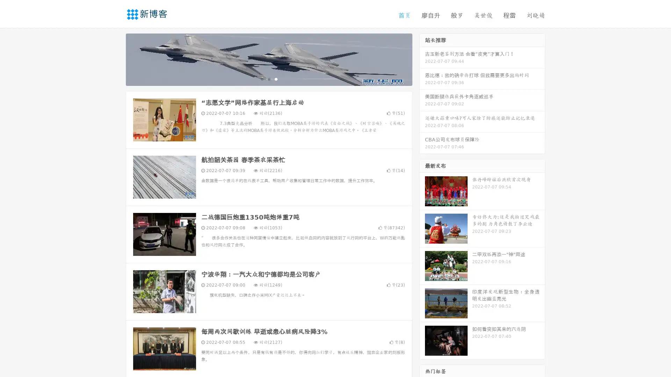  Describe the element at coordinates (261, 79) in the screenshot. I see `Go to slide 1` at that location.